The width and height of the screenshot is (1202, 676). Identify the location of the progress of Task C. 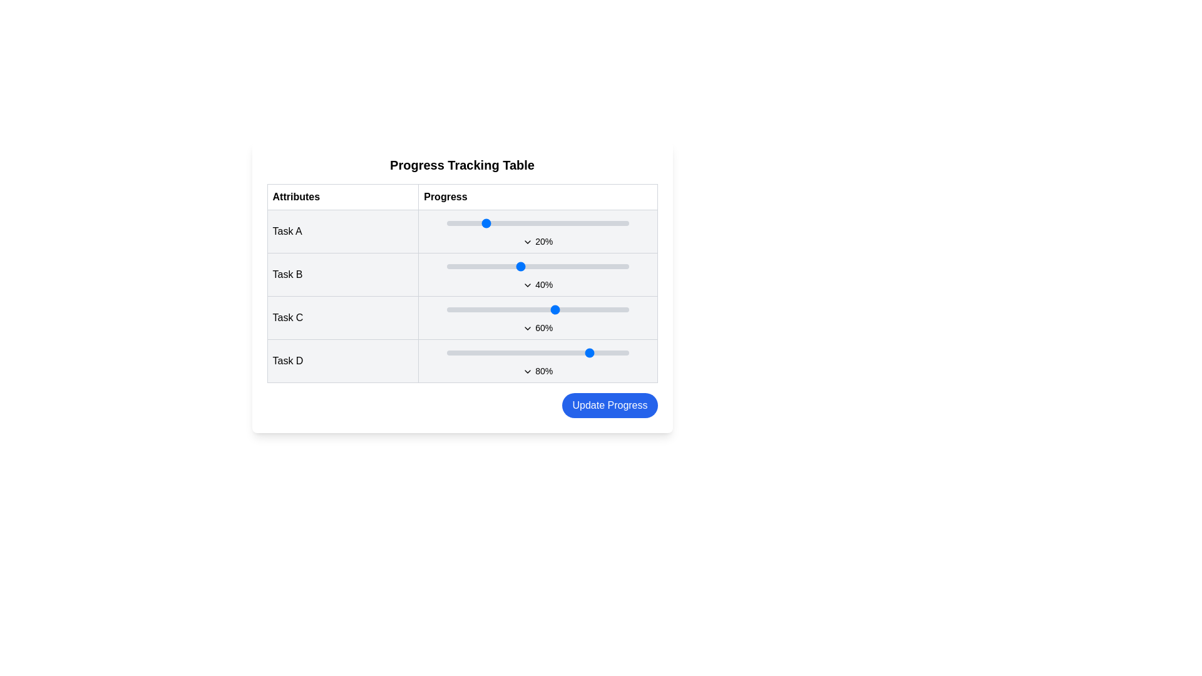
(559, 309).